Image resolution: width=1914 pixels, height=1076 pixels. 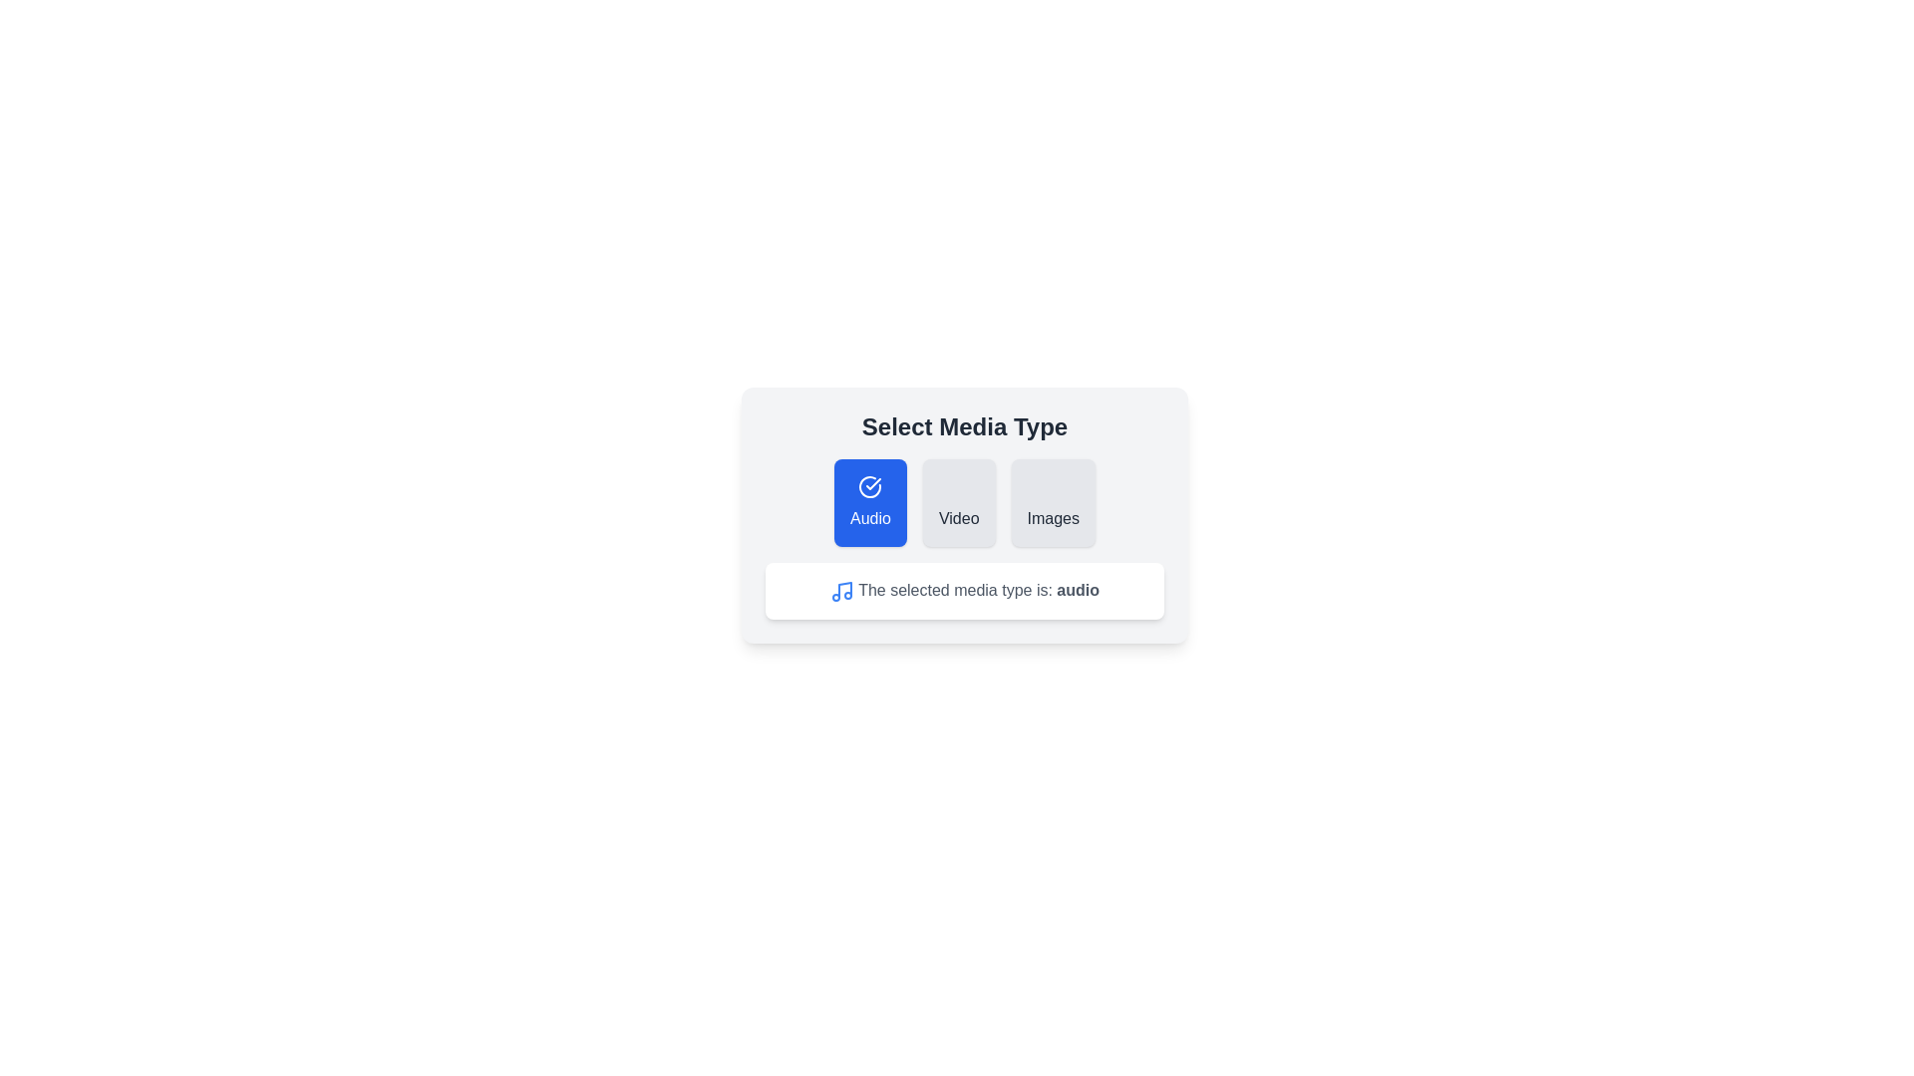 What do you see at coordinates (965, 590) in the screenshot?
I see `the informational text display that shows the current selection of 'audio', located centrally below the media type selection buttons` at bounding box center [965, 590].